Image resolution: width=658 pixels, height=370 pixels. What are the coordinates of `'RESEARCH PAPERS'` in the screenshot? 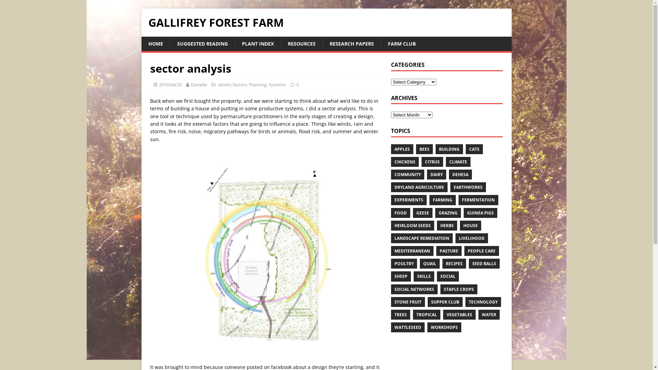 It's located at (351, 44).